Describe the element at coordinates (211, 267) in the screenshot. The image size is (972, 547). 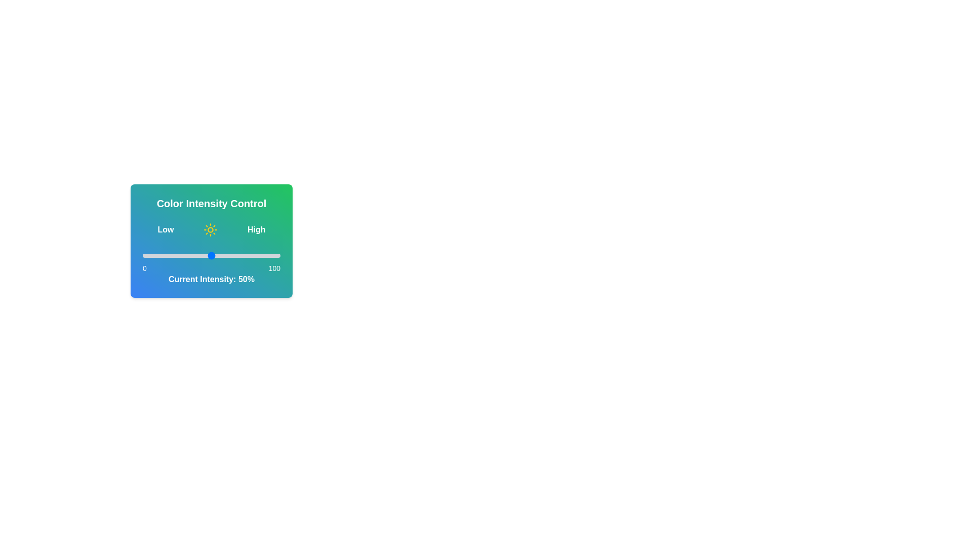
I see `the static text labels displaying the minimum (0) and maximum (100) numeric labels for the adjacent slider, which is located horizontally centered below the slider bar in the middle section of the interface` at that location.